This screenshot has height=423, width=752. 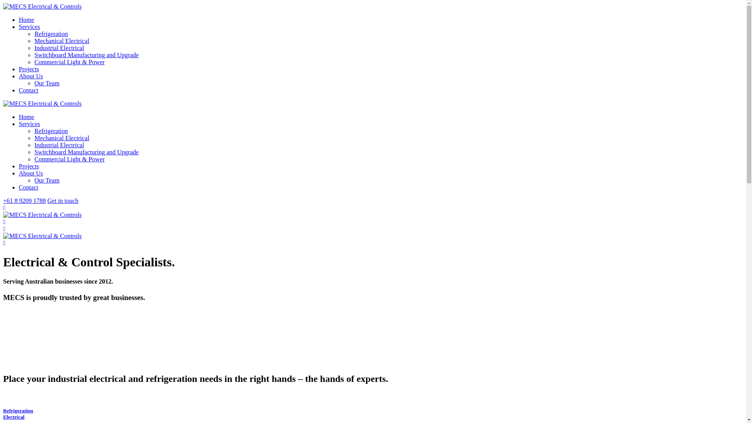 What do you see at coordinates (61, 137) in the screenshot?
I see `'Mechanical Electrical'` at bounding box center [61, 137].